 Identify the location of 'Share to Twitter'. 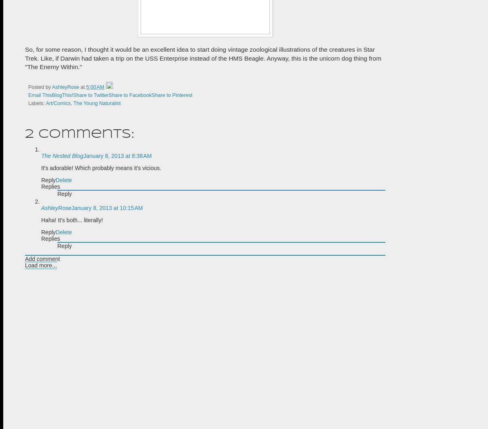
(91, 95).